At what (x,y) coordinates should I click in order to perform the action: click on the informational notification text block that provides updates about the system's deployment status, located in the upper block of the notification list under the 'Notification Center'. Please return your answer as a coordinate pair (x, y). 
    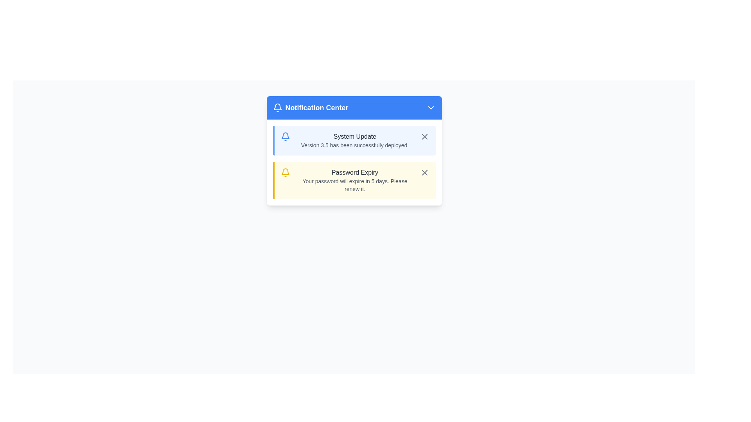
    Looking at the image, I should click on (354, 140).